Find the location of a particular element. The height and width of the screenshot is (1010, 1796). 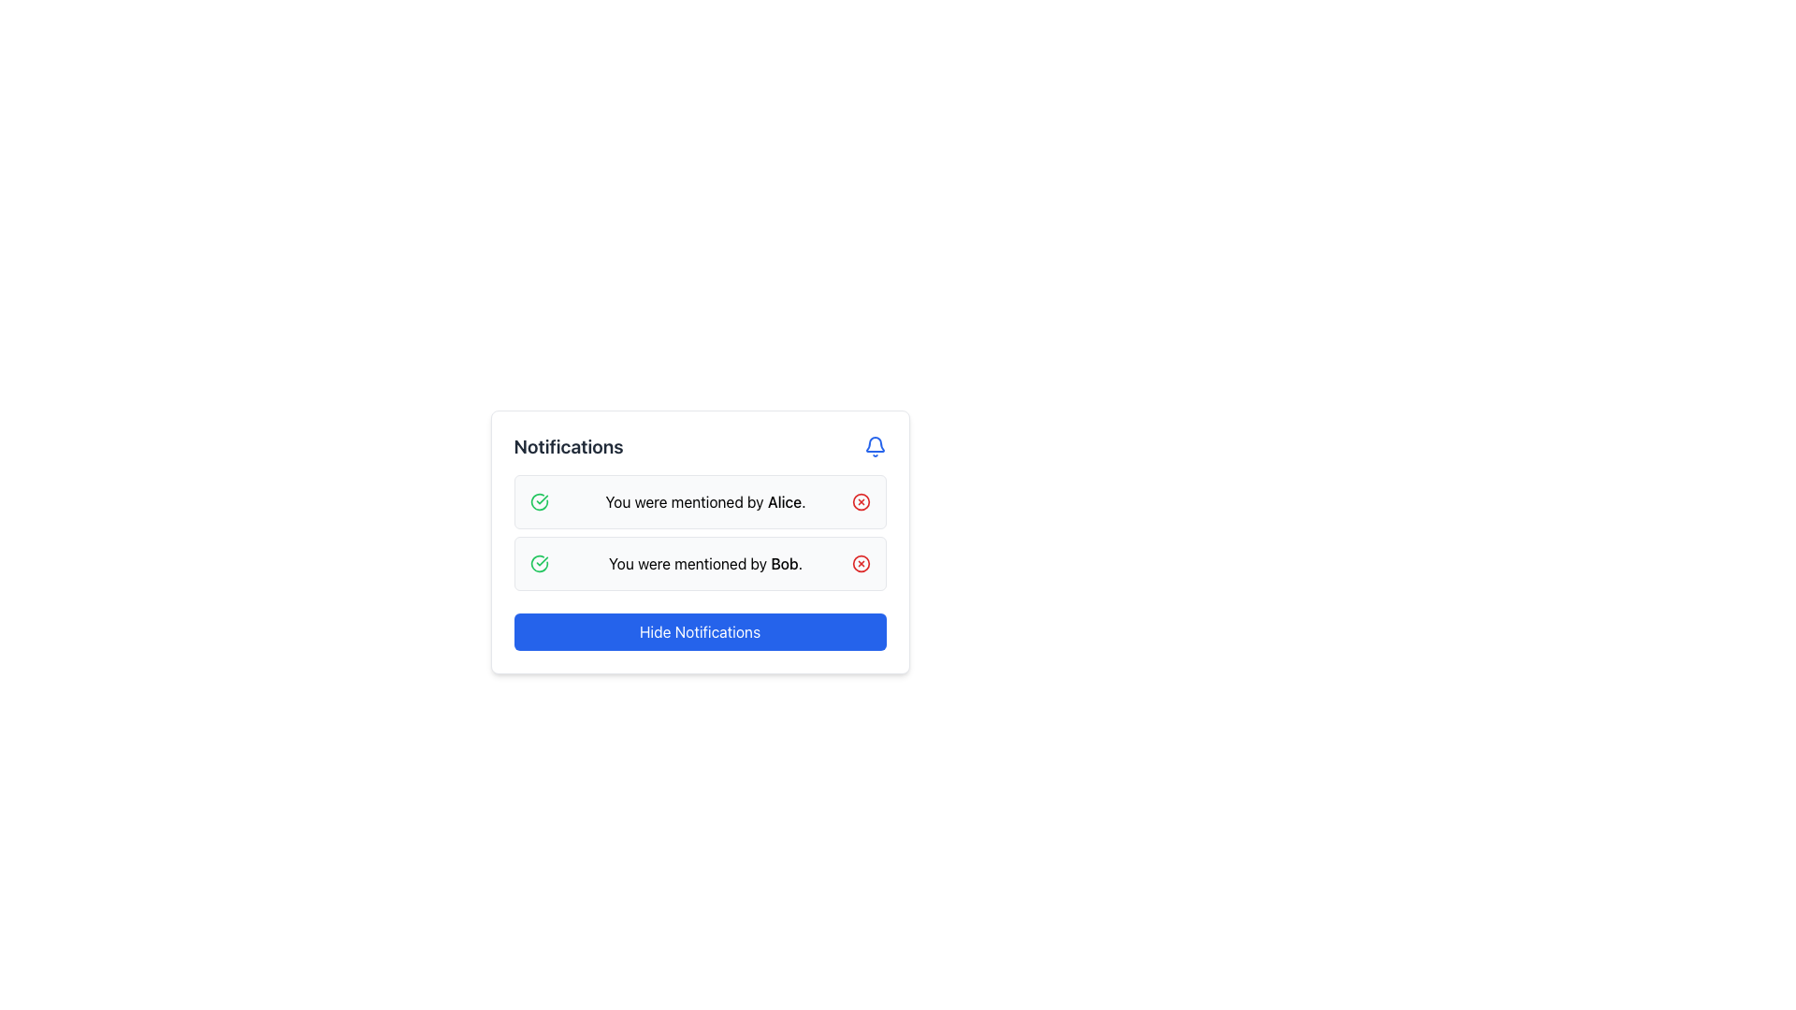

the text label that informs the user about a notification regarding a mention by 'Alice', positioned within the first notification box, horizontally centered after a checkmark icon and before a small dismiss icon is located at coordinates (704, 500).